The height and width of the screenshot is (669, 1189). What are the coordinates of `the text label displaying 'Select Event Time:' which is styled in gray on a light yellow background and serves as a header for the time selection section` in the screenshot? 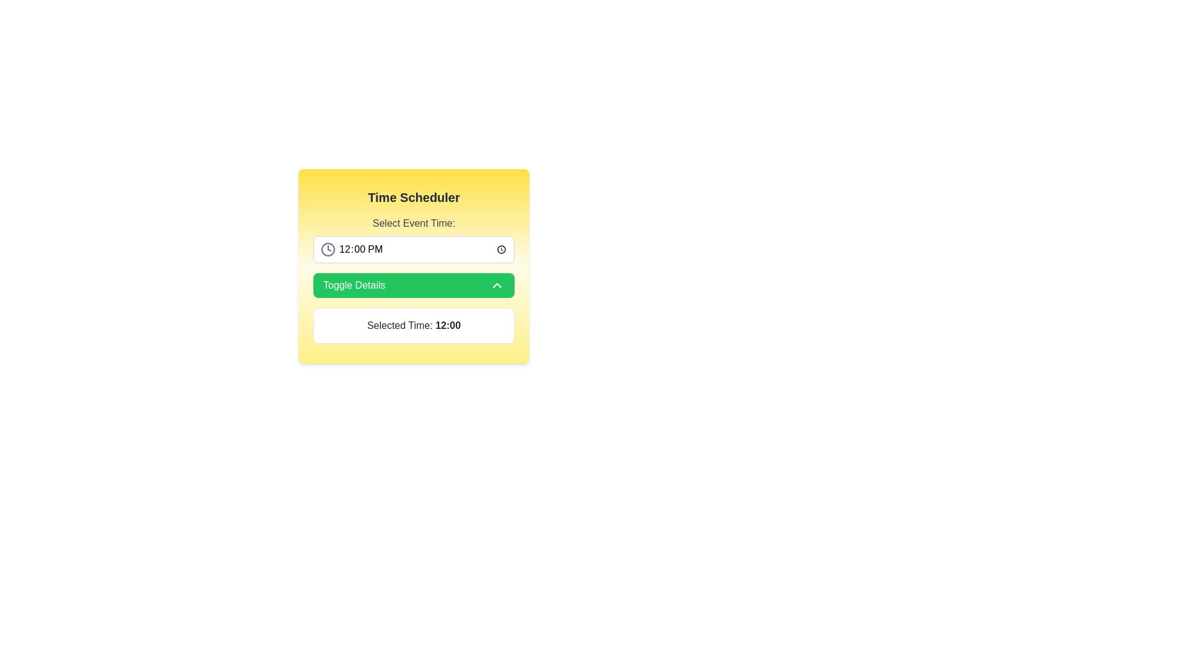 It's located at (414, 224).